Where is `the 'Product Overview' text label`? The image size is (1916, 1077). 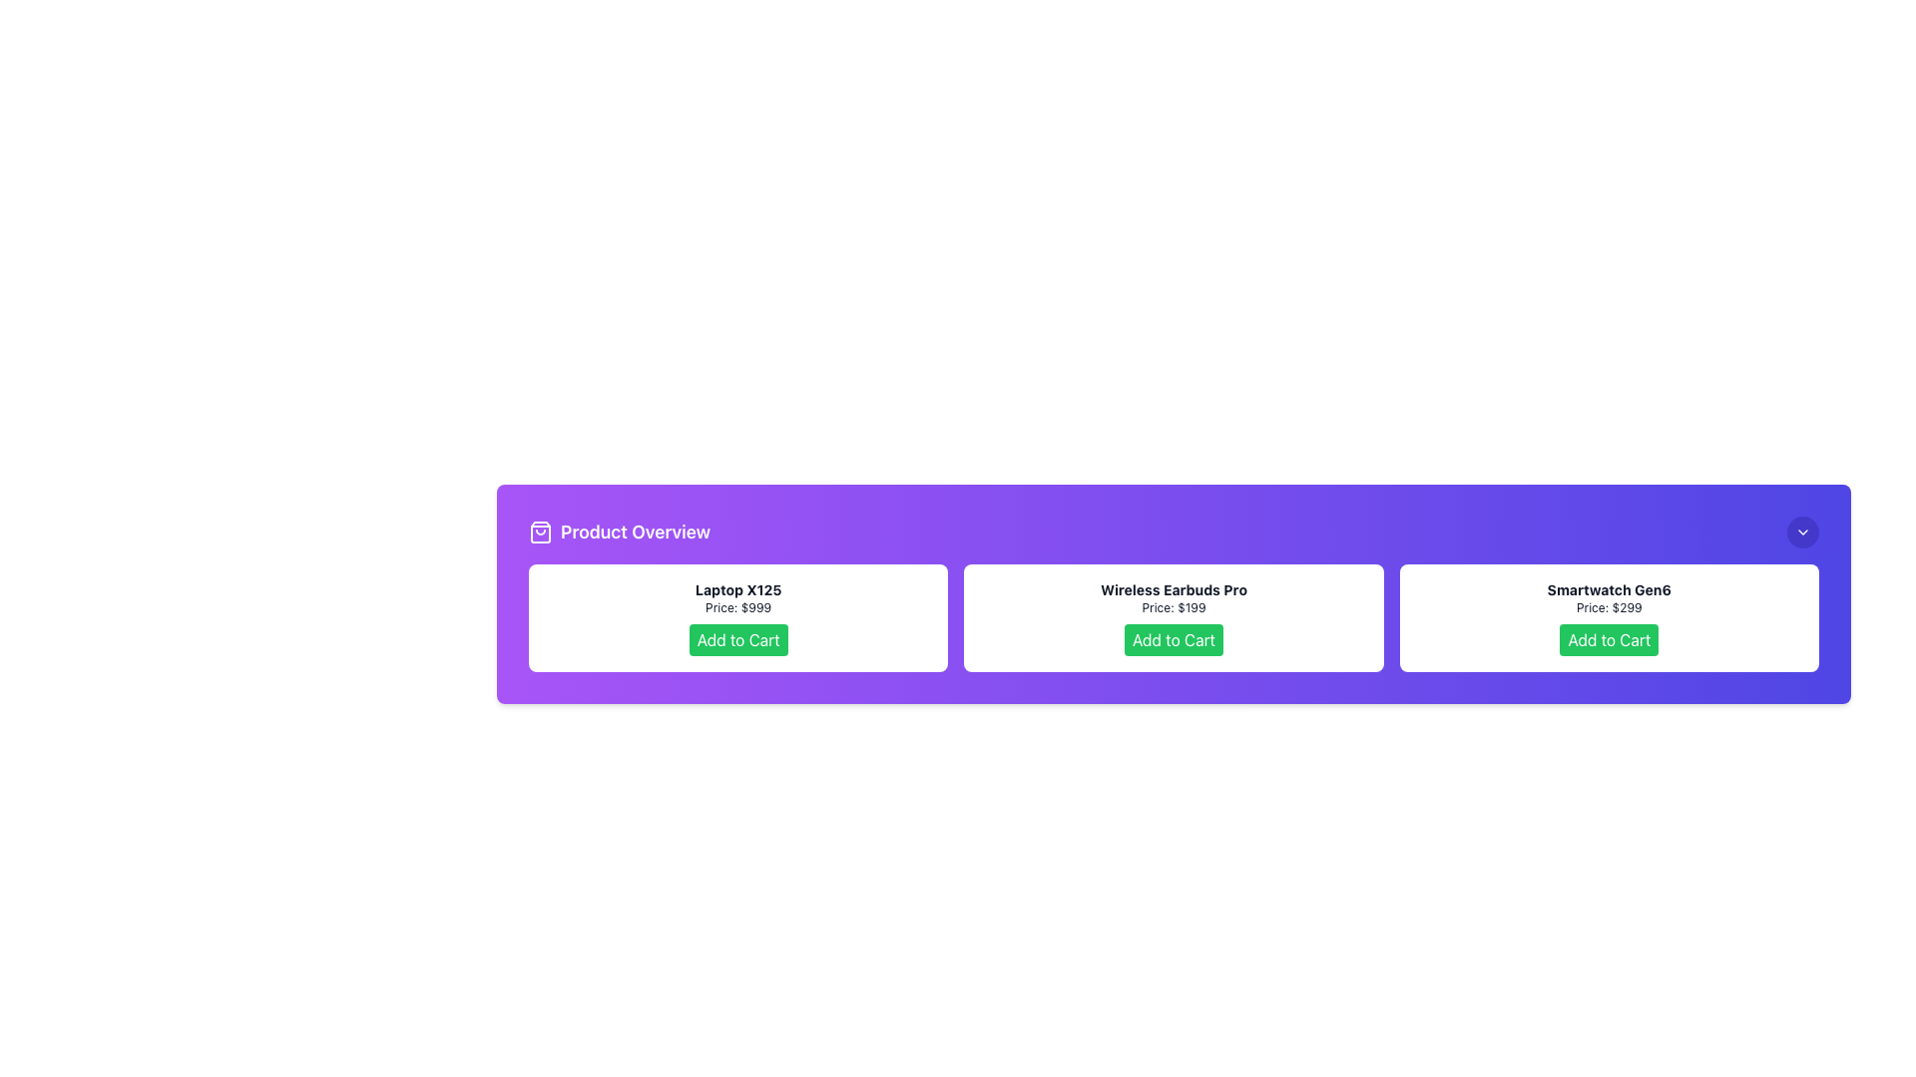
the 'Product Overview' text label is located at coordinates (619, 531).